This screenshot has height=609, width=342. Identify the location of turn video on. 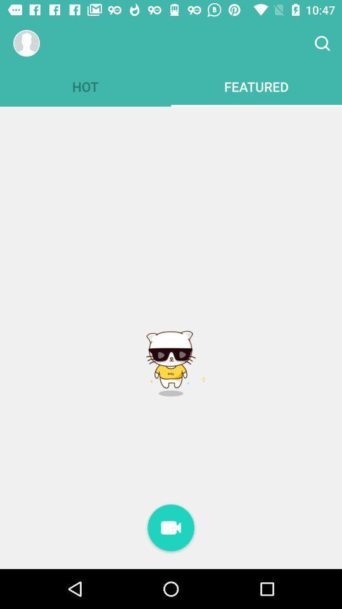
(171, 528).